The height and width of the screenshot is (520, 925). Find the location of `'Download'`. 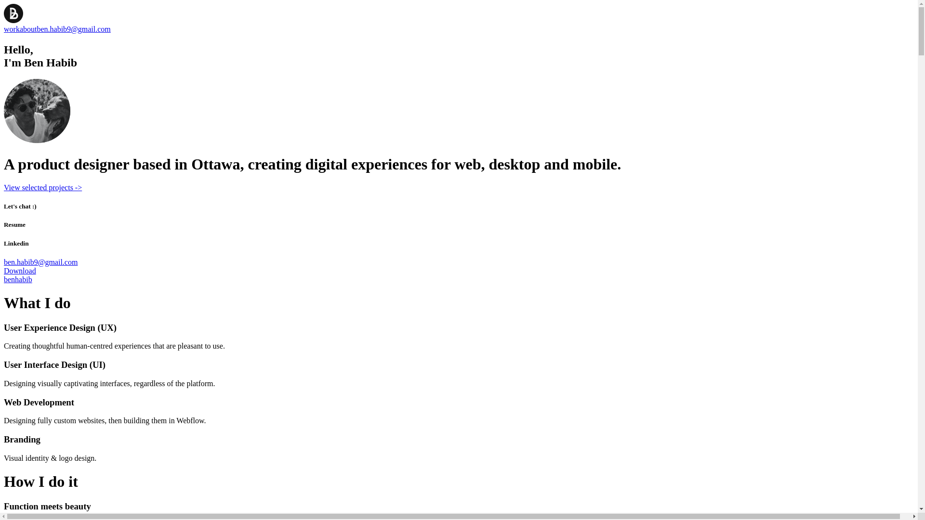

'Download' is located at coordinates (4, 271).